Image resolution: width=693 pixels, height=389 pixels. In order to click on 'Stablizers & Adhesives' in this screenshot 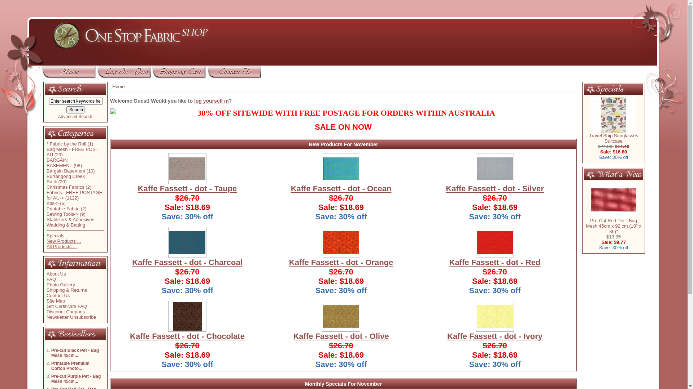, I will do `click(70, 219)`.